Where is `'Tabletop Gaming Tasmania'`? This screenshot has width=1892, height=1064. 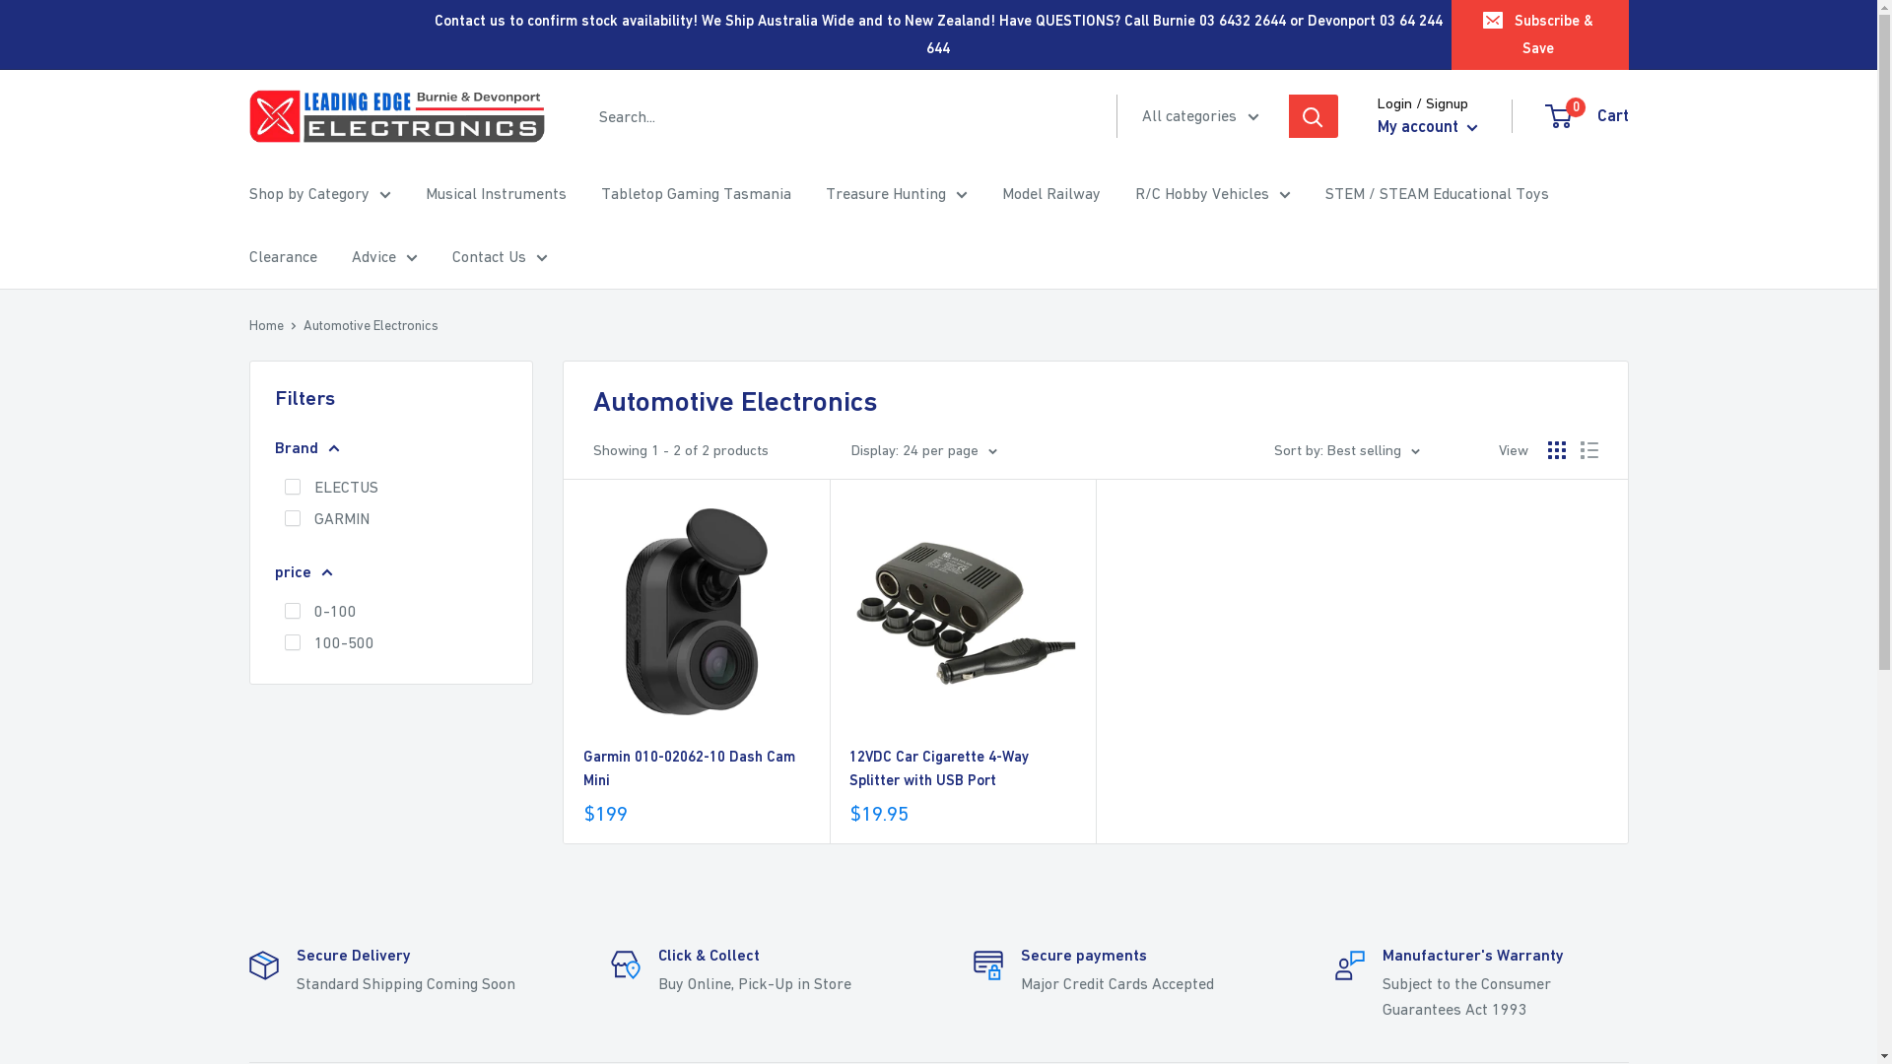
'Tabletop Gaming Tasmania' is located at coordinates (599, 193).